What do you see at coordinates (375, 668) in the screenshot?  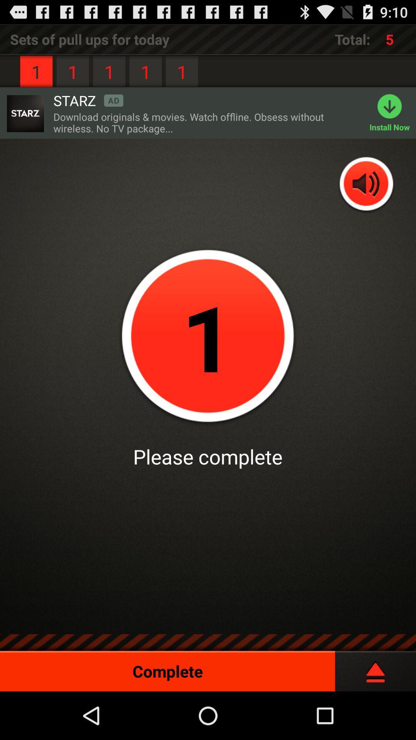 I see `the item at the bottom right corner` at bounding box center [375, 668].